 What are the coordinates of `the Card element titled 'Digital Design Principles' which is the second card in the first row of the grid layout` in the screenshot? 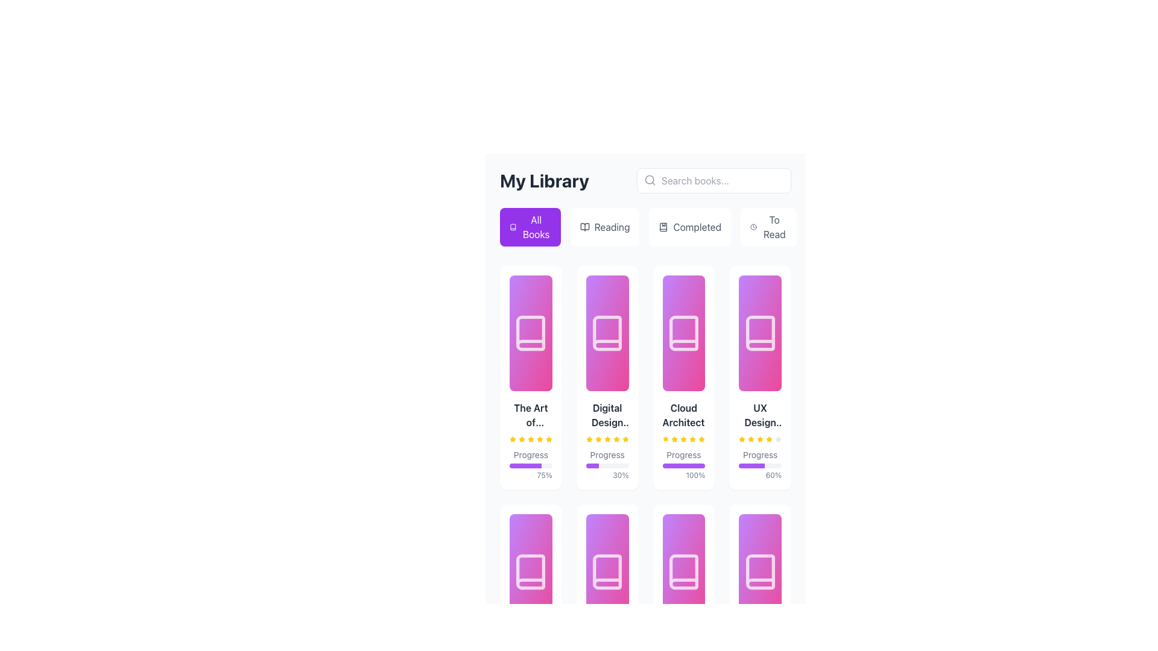 It's located at (607, 377).